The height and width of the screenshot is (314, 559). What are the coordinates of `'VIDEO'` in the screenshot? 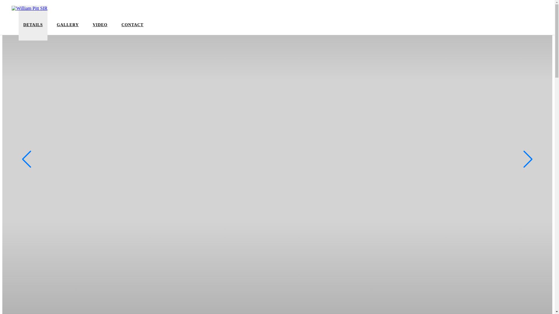 It's located at (92, 28).